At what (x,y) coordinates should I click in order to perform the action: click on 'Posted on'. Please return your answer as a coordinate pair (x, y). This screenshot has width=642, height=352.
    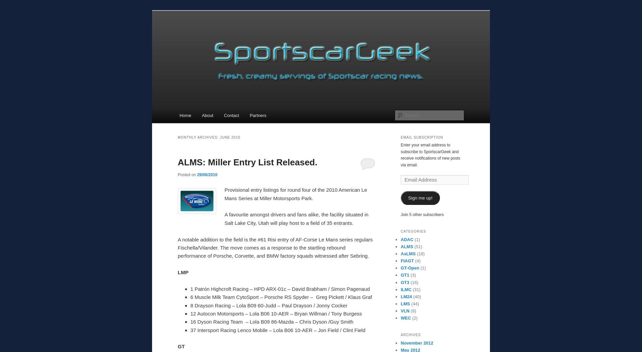
    Looking at the image, I should click on (187, 174).